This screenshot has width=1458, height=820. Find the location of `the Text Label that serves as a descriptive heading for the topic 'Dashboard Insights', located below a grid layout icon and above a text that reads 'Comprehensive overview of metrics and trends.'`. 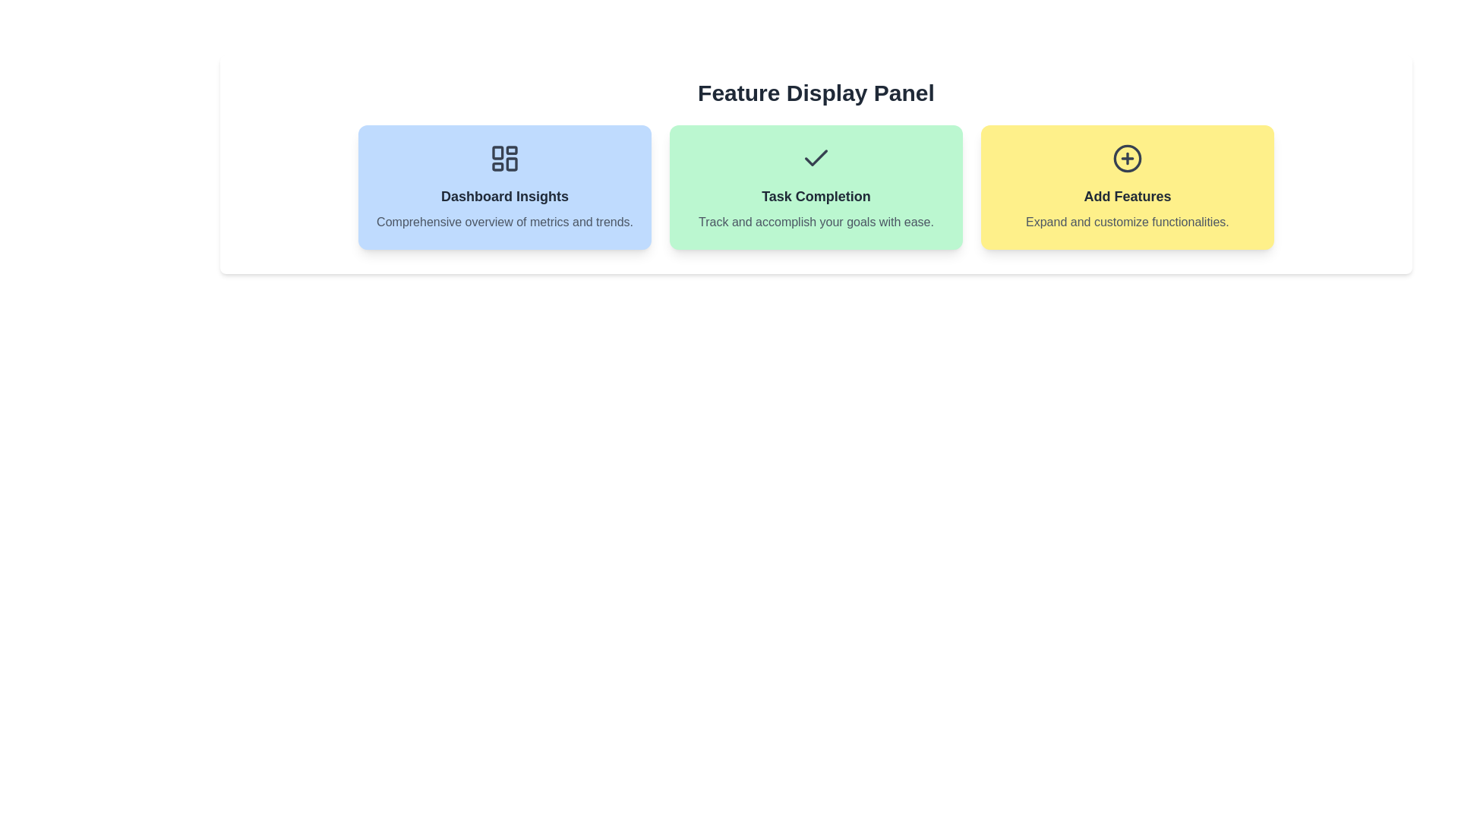

the Text Label that serves as a descriptive heading for the topic 'Dashboard Insights', located below a grid layout icon and above a text that reads 'Comprehensive overview of metrics and trends.' is located at coordinates (505, 195).